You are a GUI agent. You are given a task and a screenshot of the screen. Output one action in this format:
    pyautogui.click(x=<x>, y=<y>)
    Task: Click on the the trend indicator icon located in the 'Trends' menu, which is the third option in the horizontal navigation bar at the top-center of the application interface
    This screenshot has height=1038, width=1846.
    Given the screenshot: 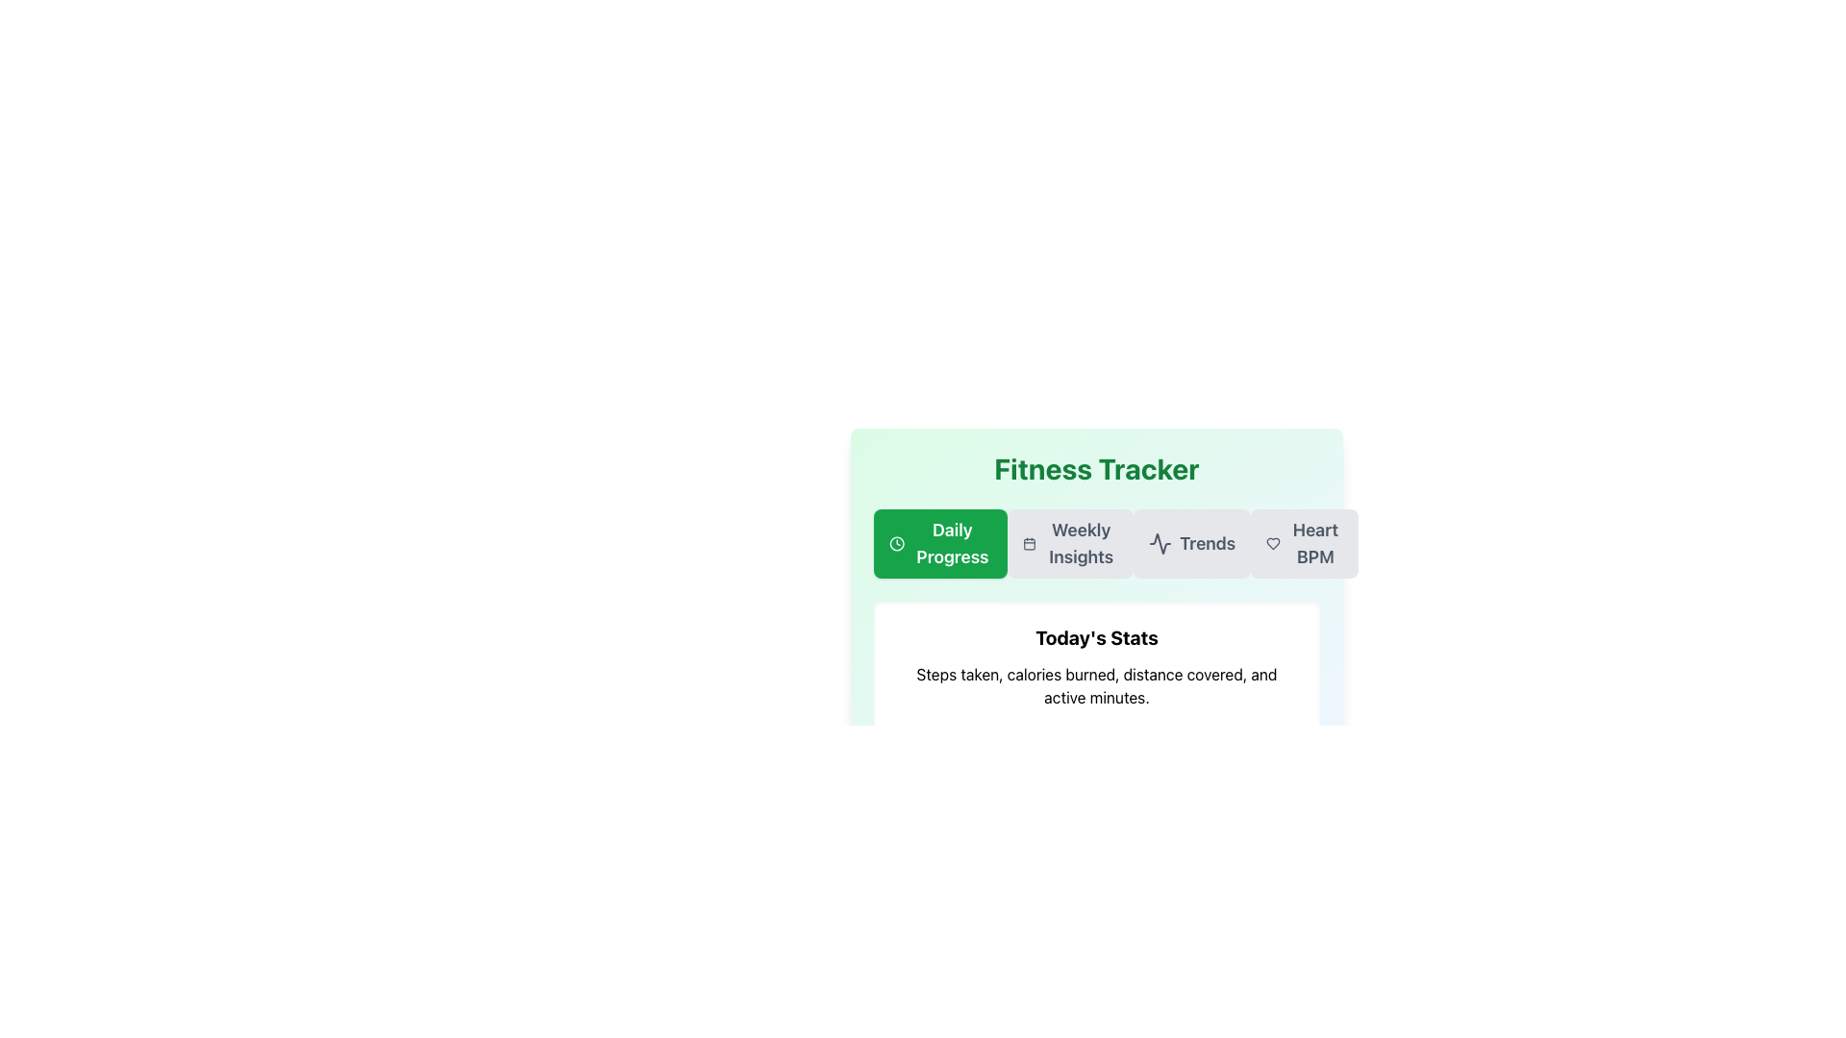 What is the action you would take?
    pyautogui.click(x=1160, y=544)
    